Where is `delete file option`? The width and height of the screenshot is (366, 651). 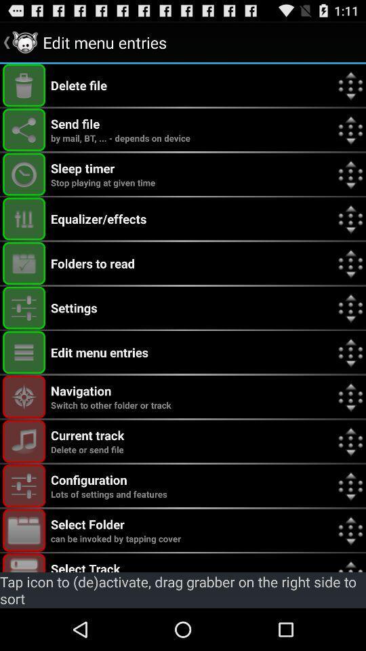 delete file option is located at coordinates (24, 85).